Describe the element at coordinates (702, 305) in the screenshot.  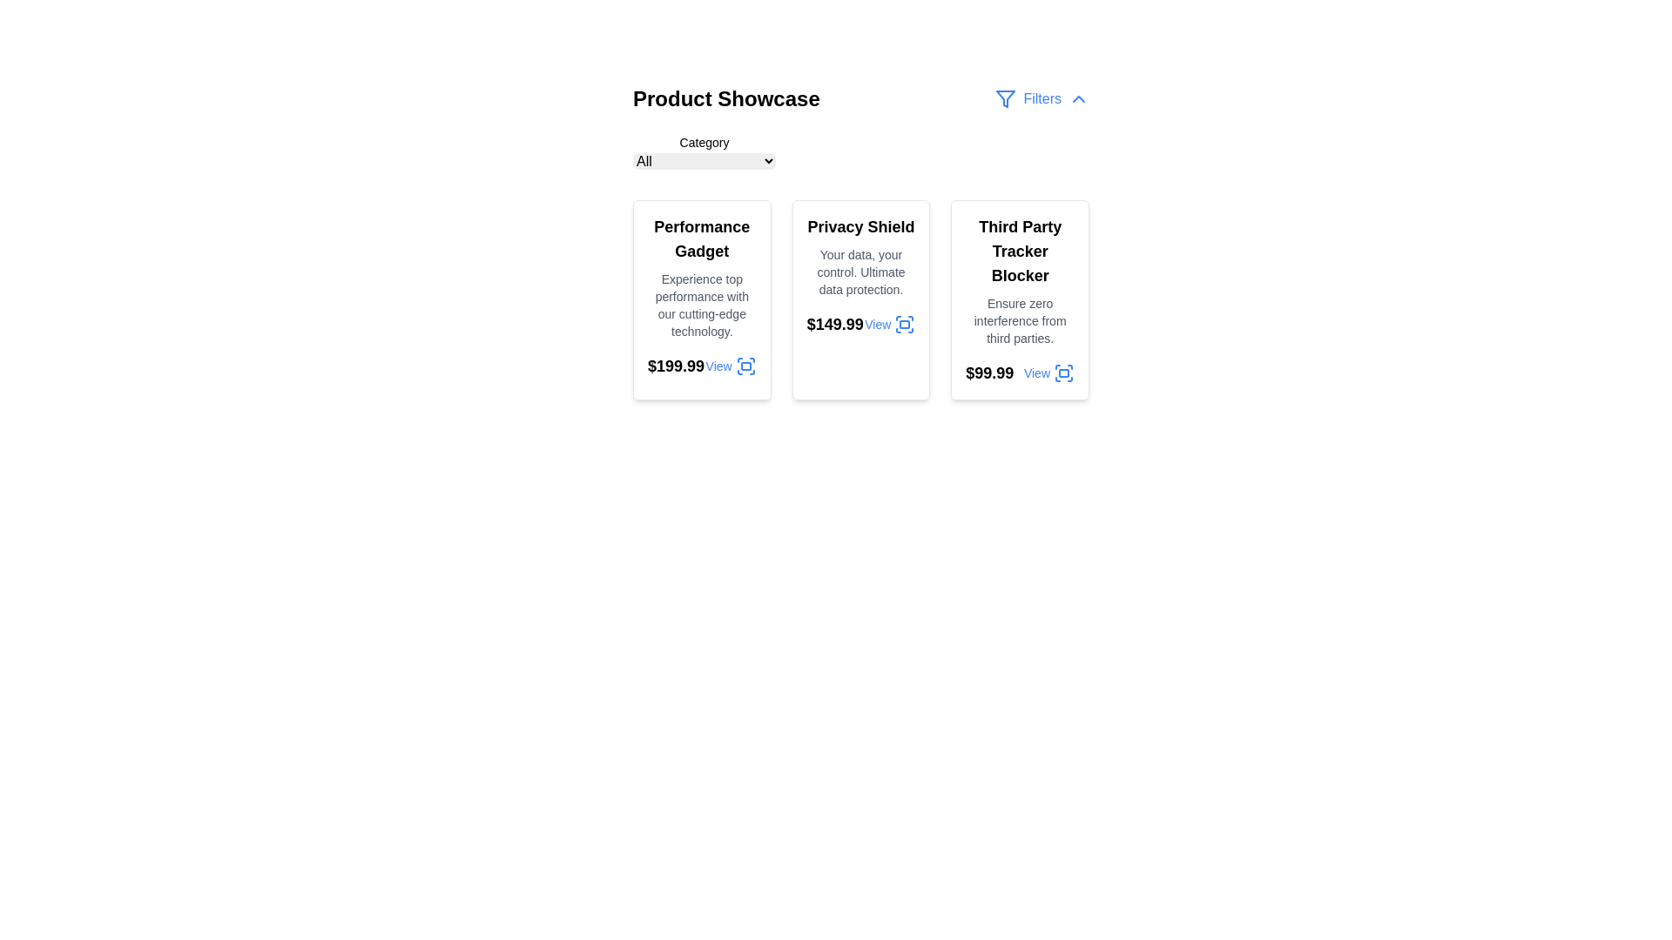
I see `the Text Block providing descriptive information about the product, located in the middle section of the first card beneath the title 'Performance Gadget'` at that location.